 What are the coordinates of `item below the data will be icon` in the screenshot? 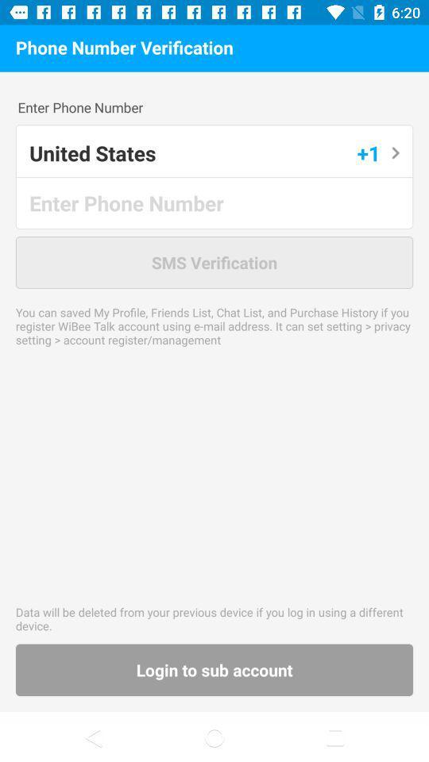 It's located at (214, 669).